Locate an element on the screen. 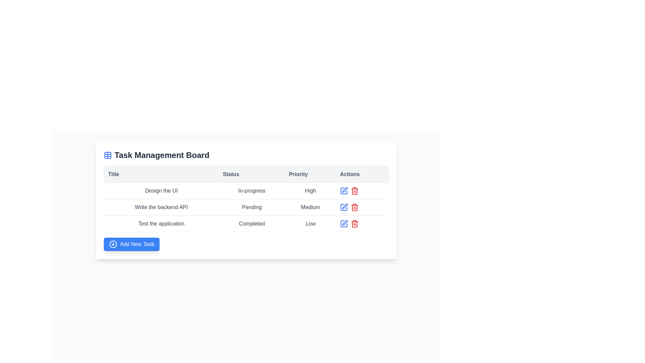 Image resolution: width=645 pixels, height=363 pixels. the static text label displaying 'Completed' in gray color located in the third row of the table under the 'Status' column is located at coordinates (251, 224).